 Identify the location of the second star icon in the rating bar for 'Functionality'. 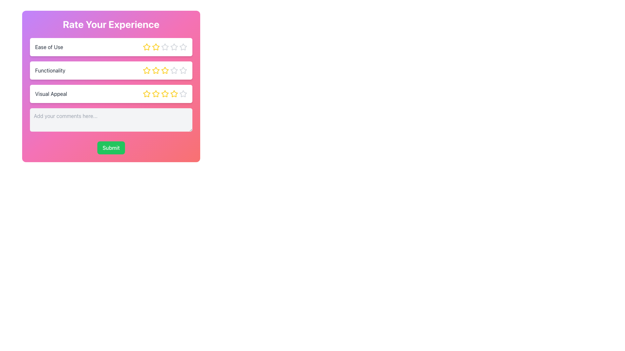
(146, 70).